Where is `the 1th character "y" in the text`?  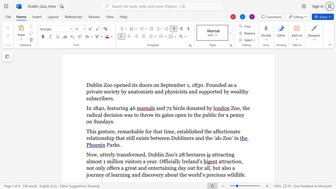 the 1th character "y" in the text is located at coordinates (211, 108).